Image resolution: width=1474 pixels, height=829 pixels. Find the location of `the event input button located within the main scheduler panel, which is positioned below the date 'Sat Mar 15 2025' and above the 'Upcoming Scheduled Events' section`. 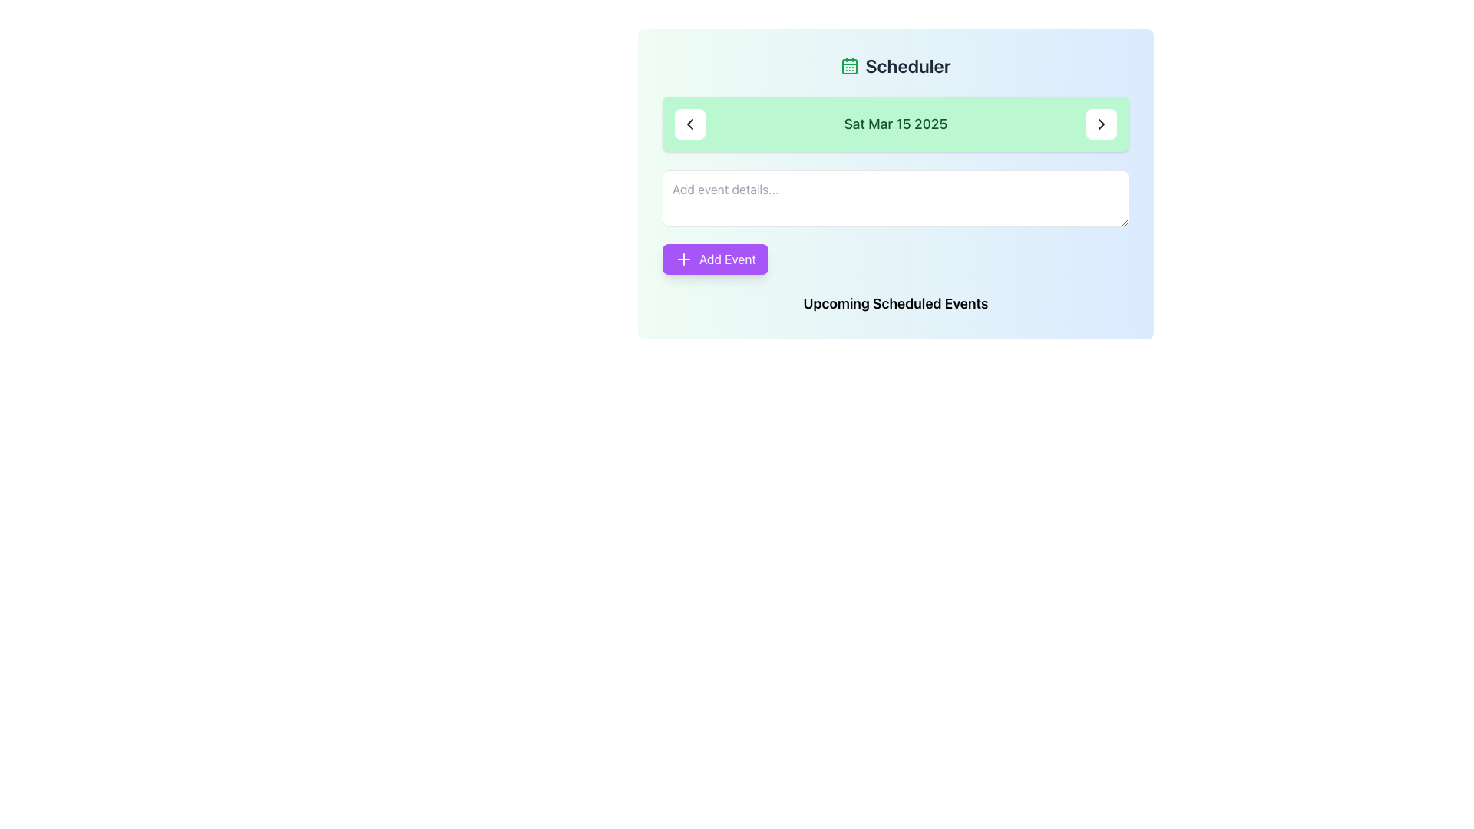

the event input button located within the main scheduler panel, which is positioned below the date 'Sat Mar 15 2025' and above the 'Upcoming Scheduled Events' section is located at coordinates (895, 222).